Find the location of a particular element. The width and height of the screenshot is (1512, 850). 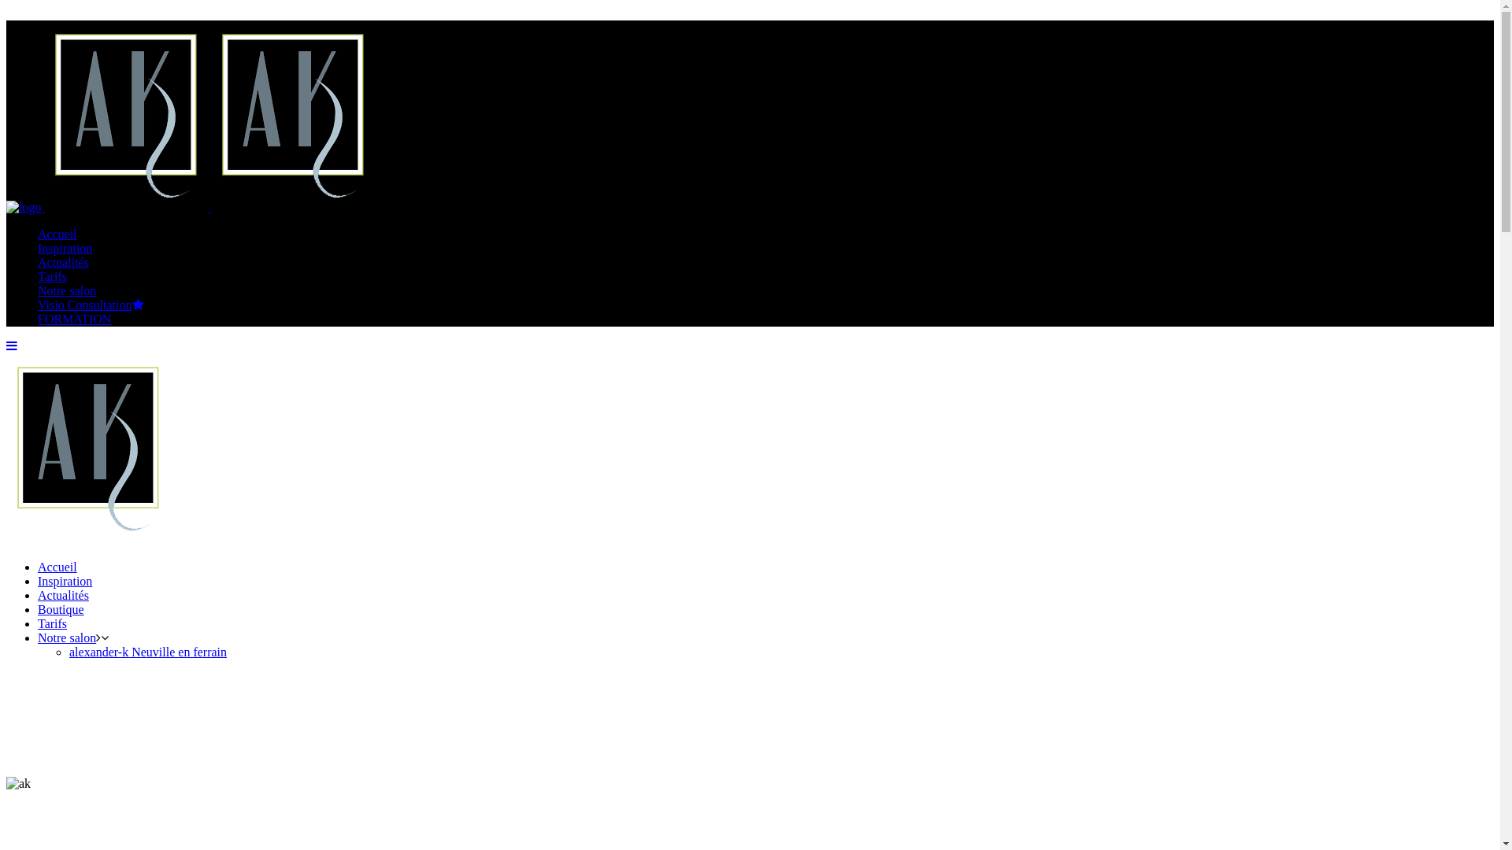

'Notre salon' is located at coordinates (66, 637).